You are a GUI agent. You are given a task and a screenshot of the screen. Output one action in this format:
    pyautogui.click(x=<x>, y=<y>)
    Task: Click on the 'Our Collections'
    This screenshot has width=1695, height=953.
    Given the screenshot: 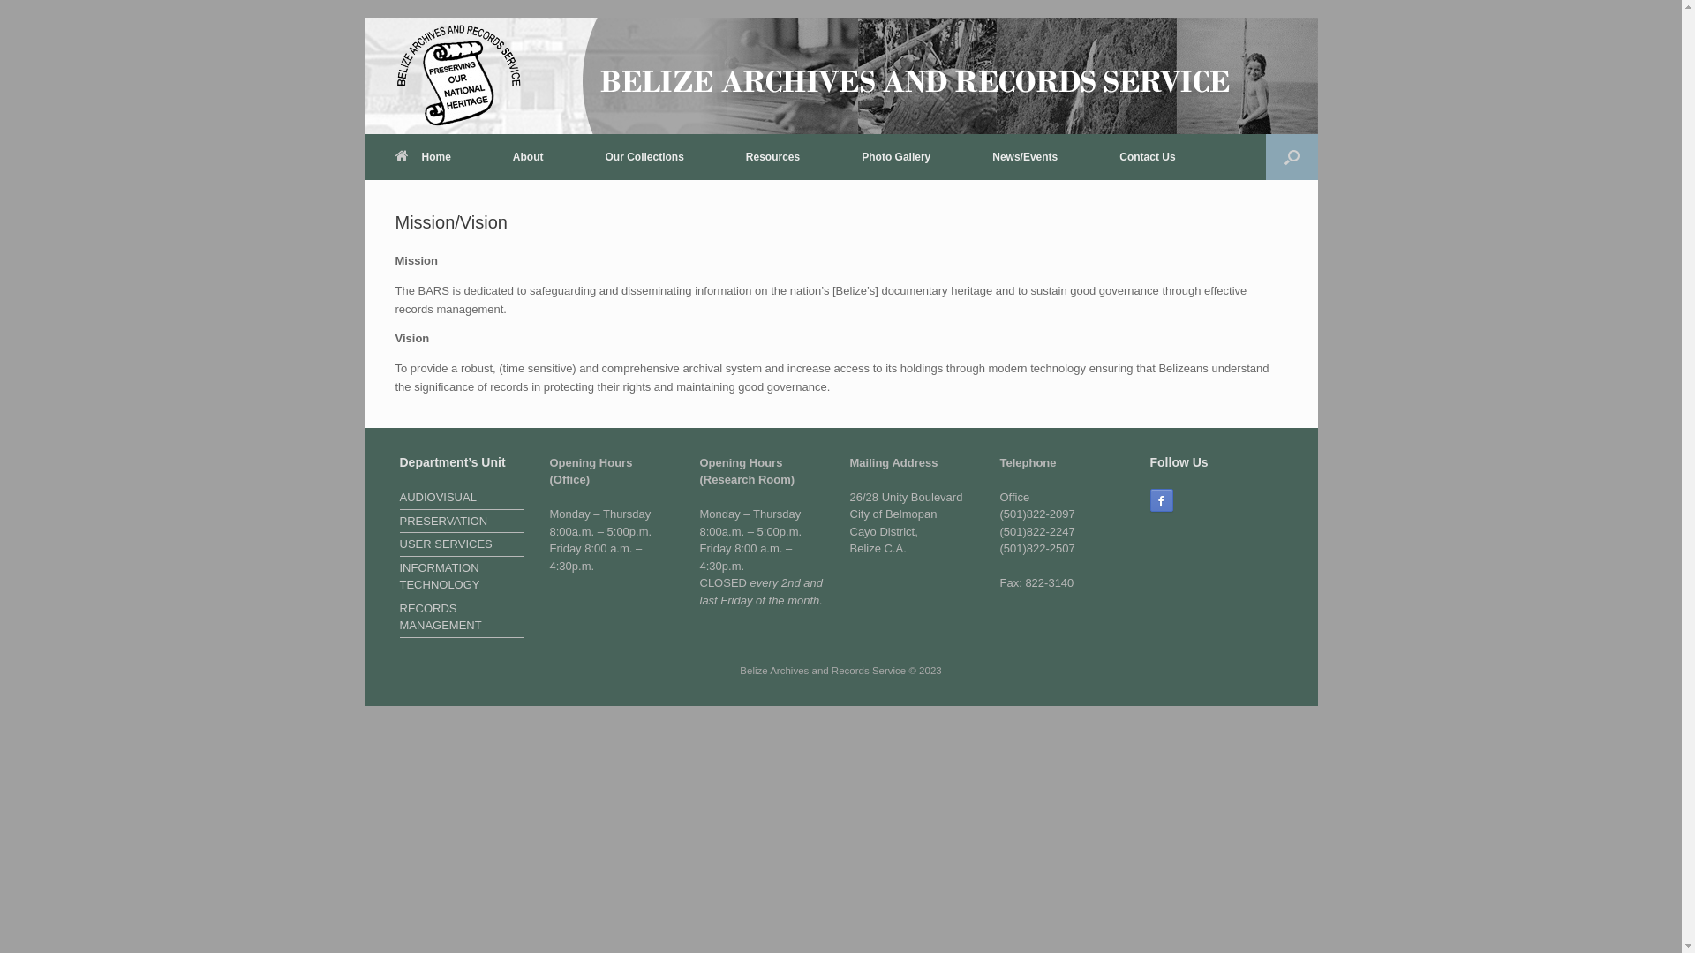 What is the action you would take?
    pyautogui.click(x=573, y=155)
    